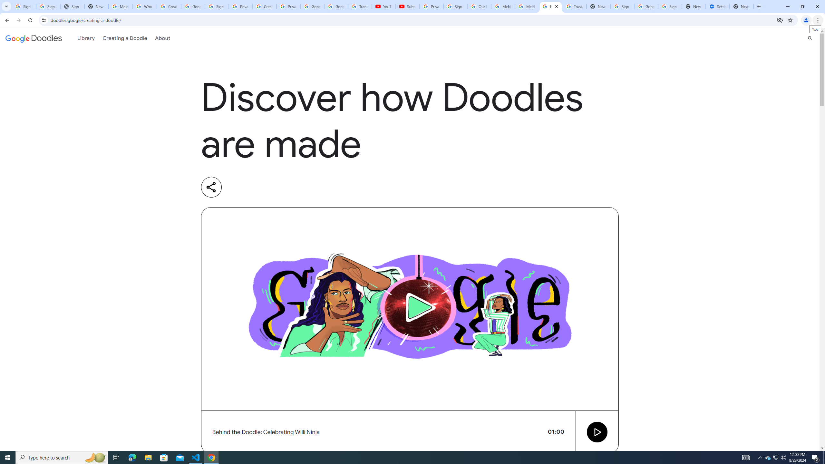 The height and width of the screenshot is (464, 825). I want to click on 'Sign in - Google Accounts', so click(48, 6).